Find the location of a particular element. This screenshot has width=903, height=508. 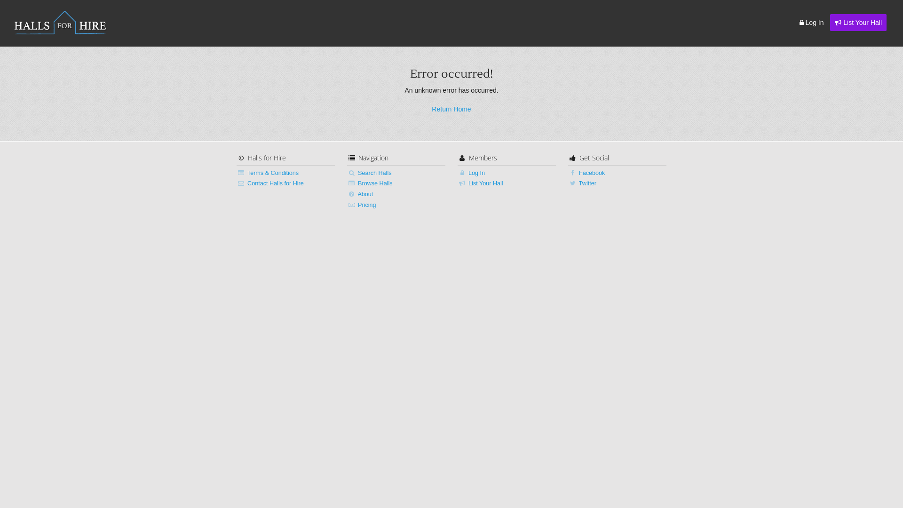

'Contact Halls for Hire' is located at coordinates (285, 183).